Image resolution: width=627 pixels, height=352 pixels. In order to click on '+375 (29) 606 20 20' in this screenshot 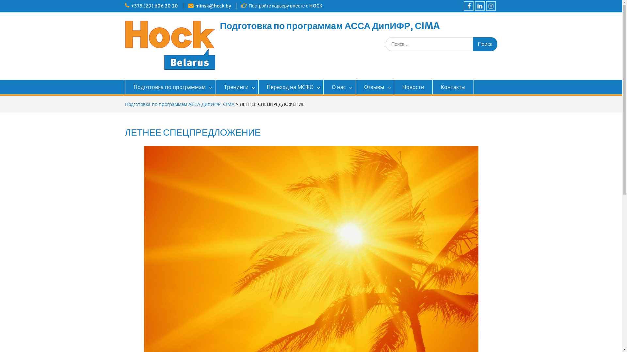, I will do `click(153, 6)`.